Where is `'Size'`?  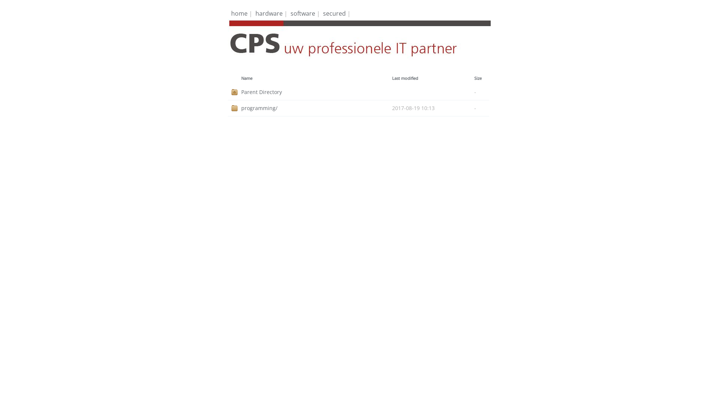 'Size' is located at coordinates (478, 78).